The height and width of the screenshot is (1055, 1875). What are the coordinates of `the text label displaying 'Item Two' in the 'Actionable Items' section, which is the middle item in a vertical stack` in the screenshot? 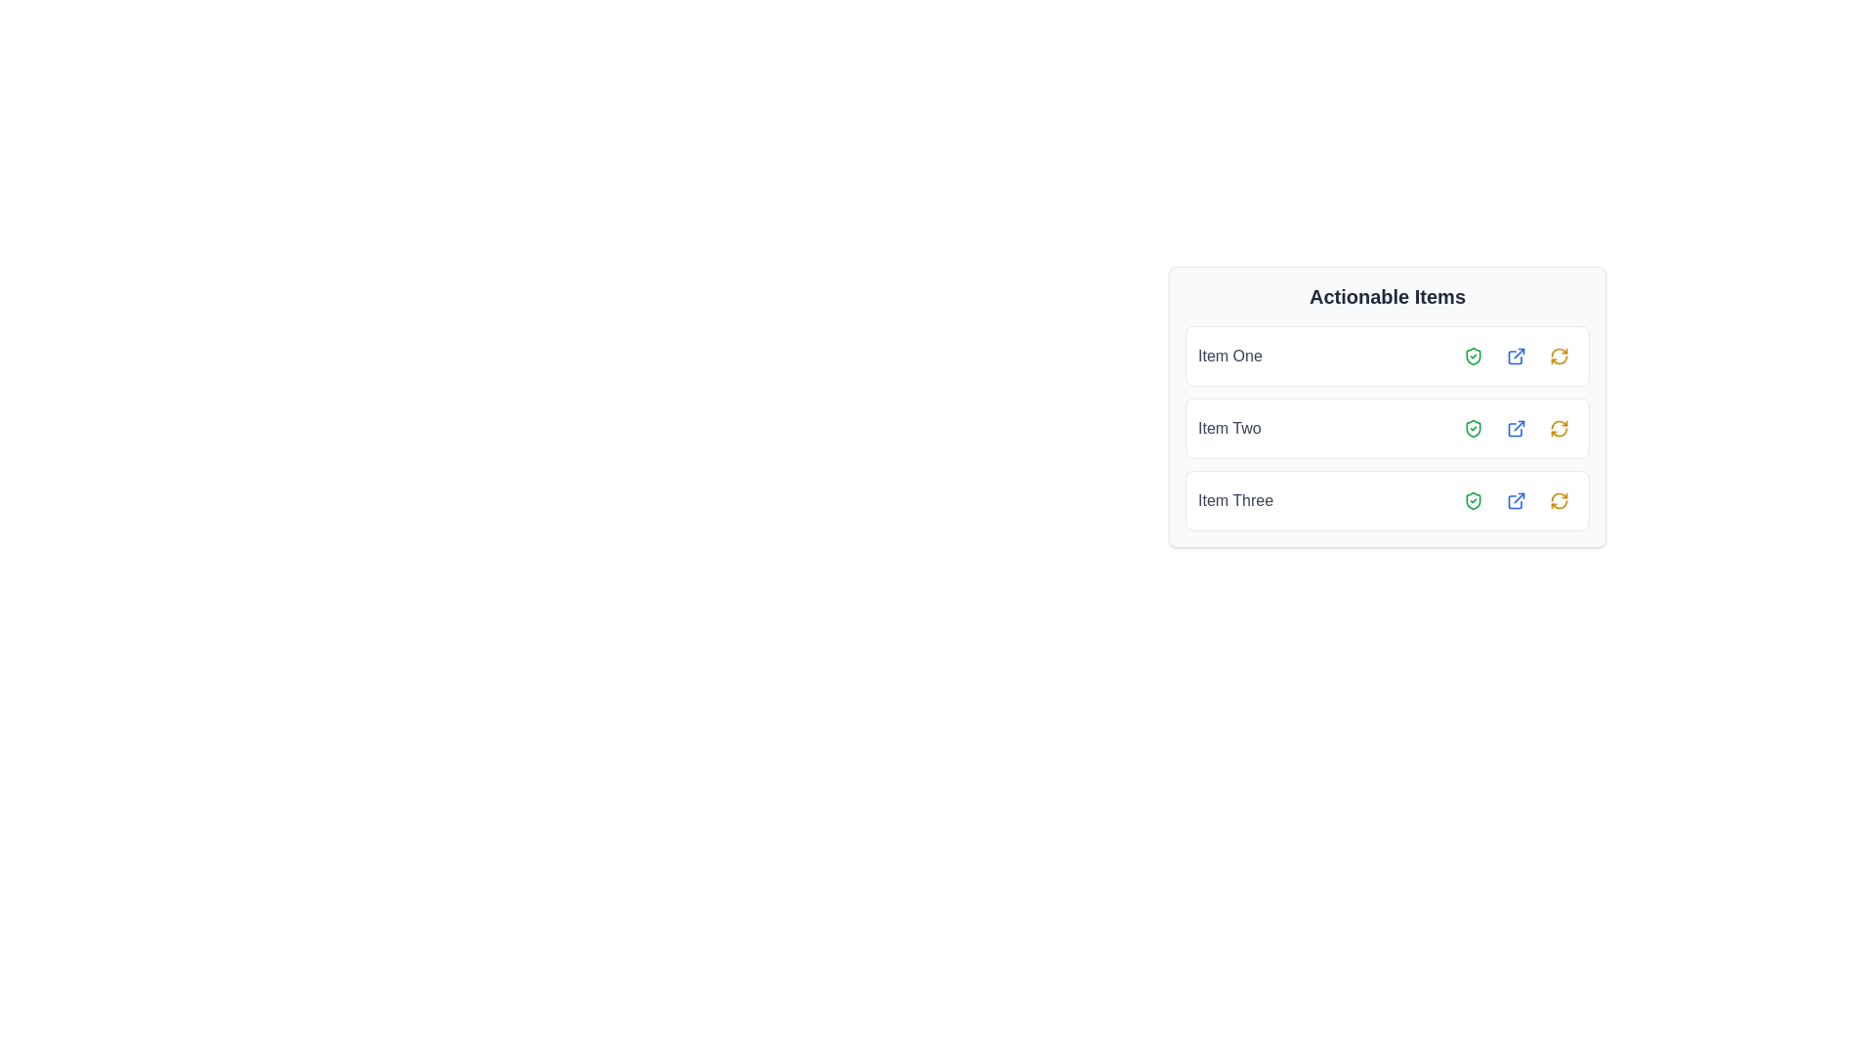 It's located at (1229, 428).